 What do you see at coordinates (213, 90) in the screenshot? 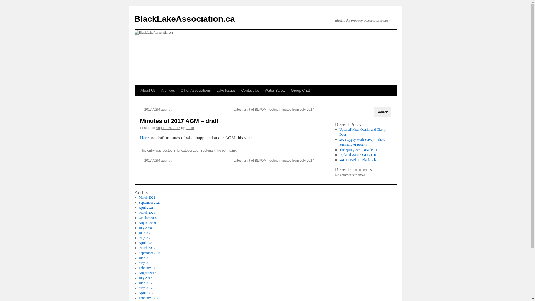
I see `'Lake Issues'` at bounding box center [213, 90].